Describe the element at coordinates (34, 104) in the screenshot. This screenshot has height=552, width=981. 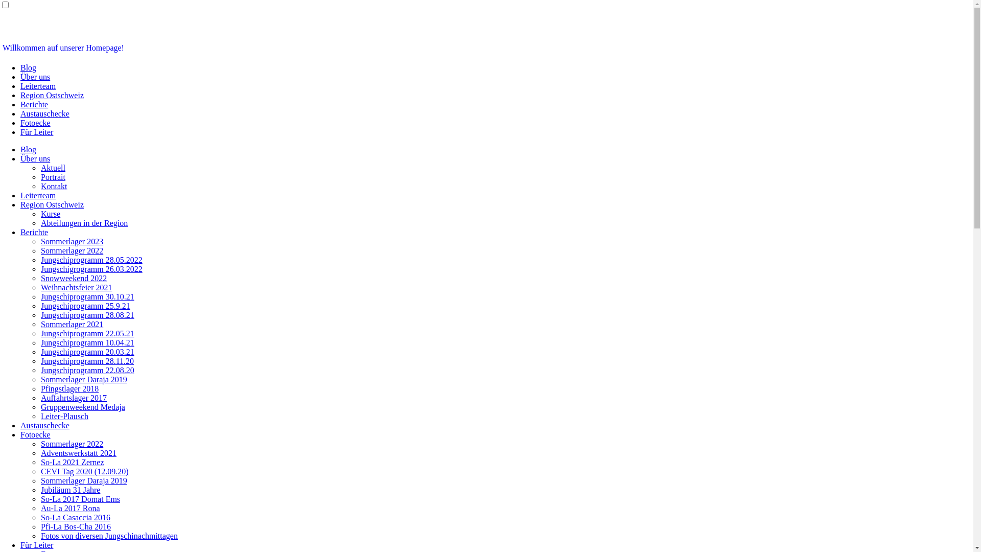
I see `'Berichte'` at that location.